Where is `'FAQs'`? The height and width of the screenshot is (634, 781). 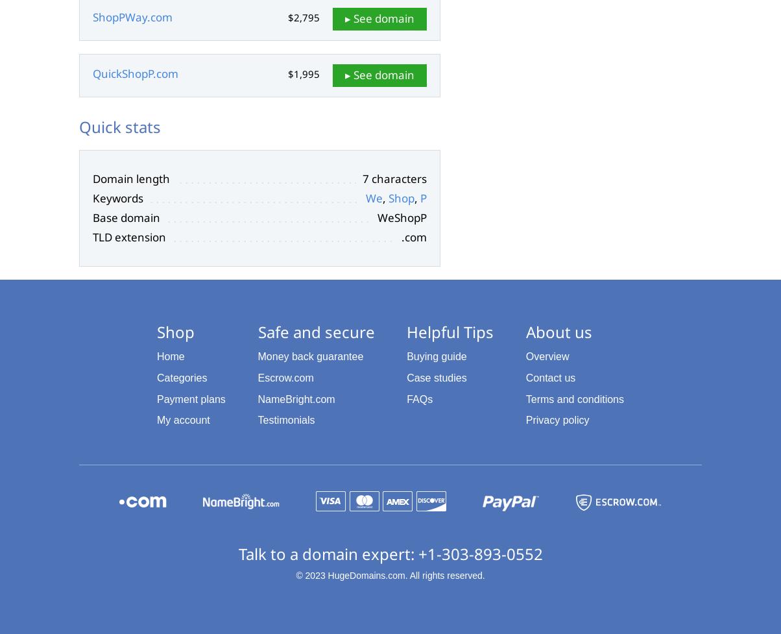
'FAQs' is located at coordinates (420, 398).